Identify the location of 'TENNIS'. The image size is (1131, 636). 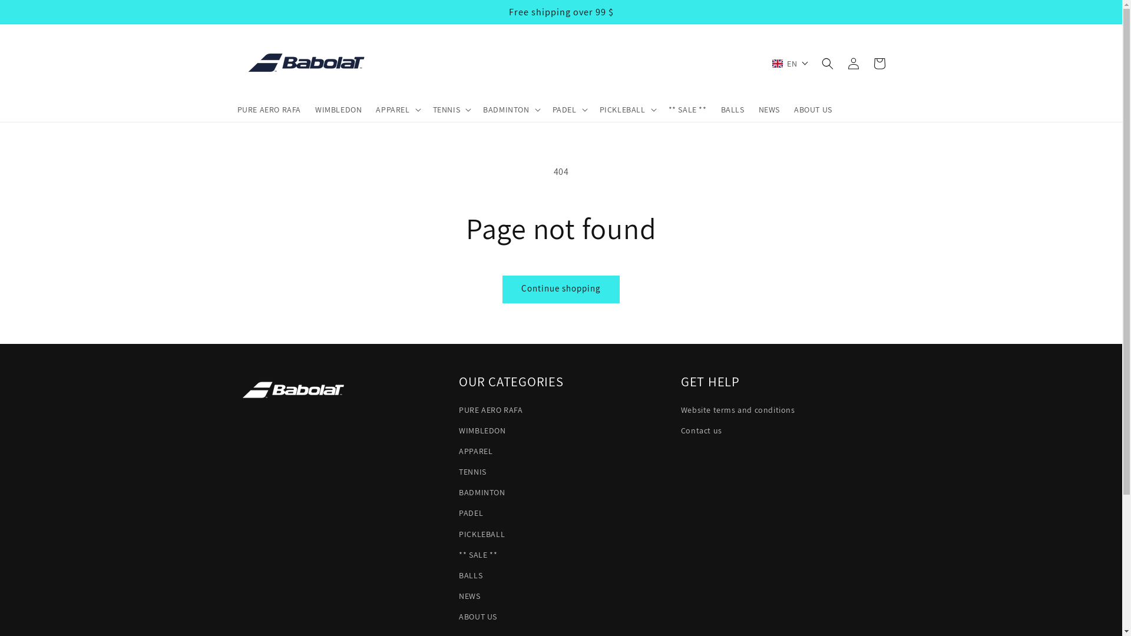
(472, 471).